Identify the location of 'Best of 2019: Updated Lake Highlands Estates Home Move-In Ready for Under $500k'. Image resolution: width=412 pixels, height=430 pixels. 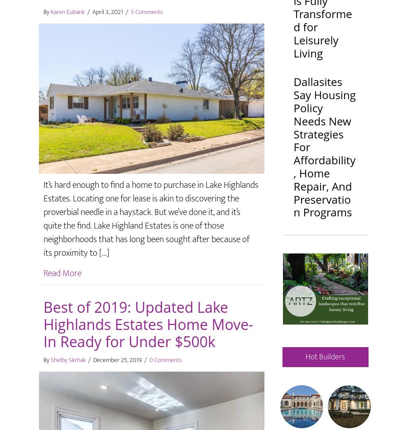
(148, 324).